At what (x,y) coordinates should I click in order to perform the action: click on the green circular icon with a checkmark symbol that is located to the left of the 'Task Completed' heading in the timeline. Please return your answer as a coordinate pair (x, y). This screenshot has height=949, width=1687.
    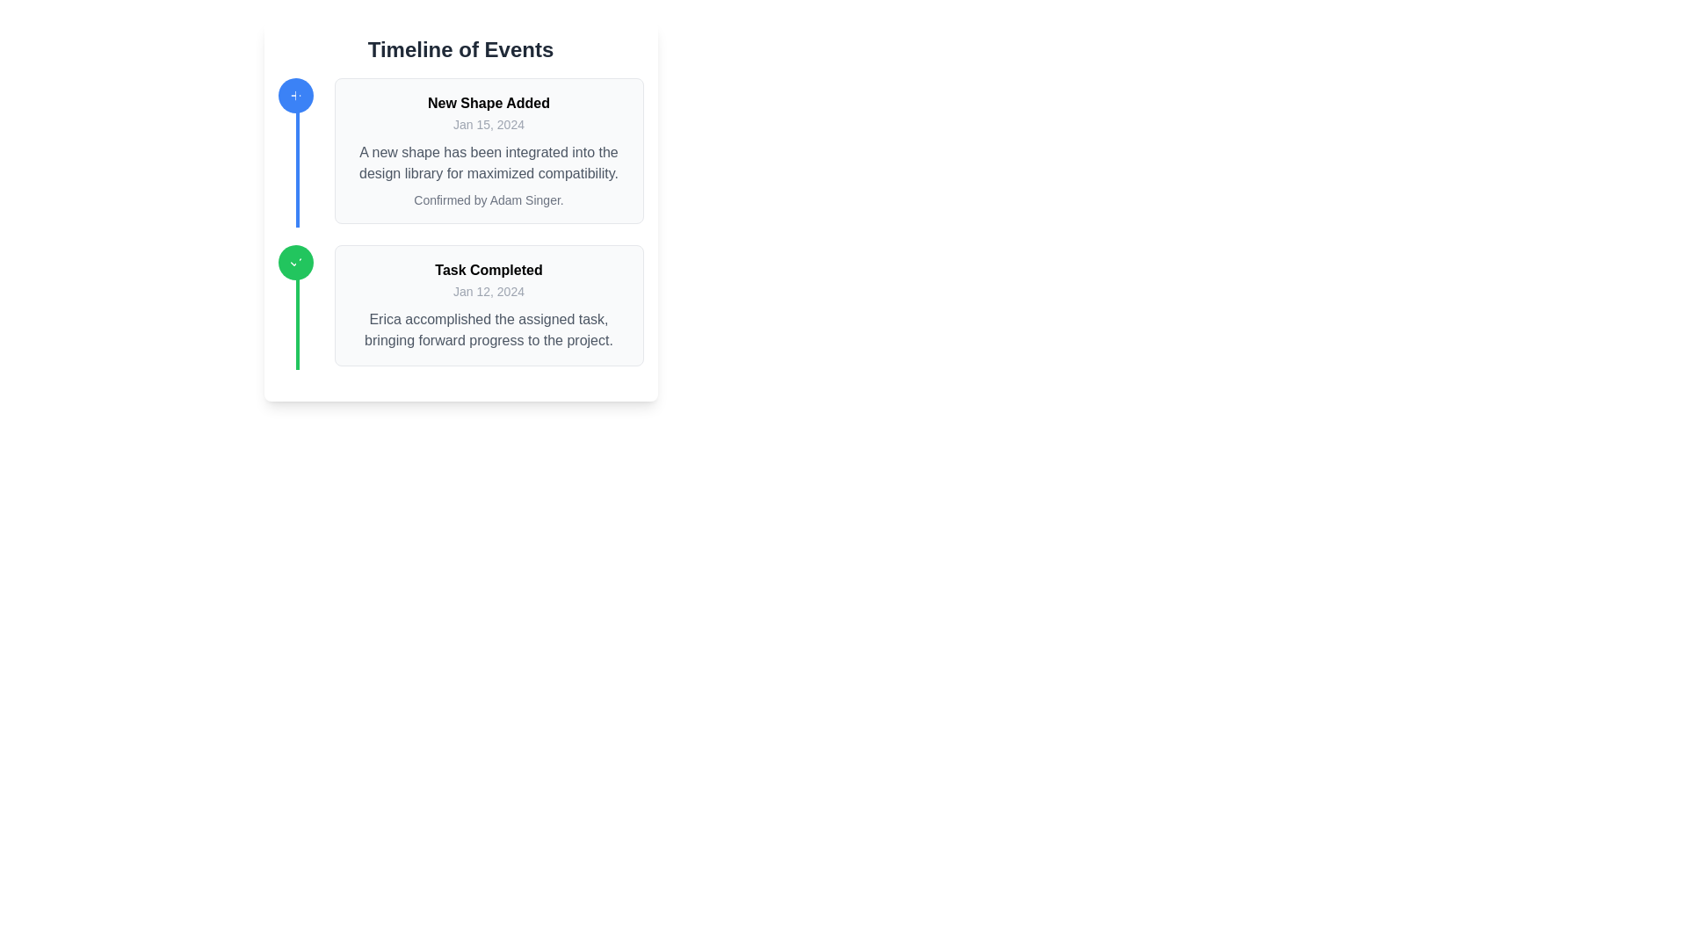
    Looking at the image, I should click on (295, 263).